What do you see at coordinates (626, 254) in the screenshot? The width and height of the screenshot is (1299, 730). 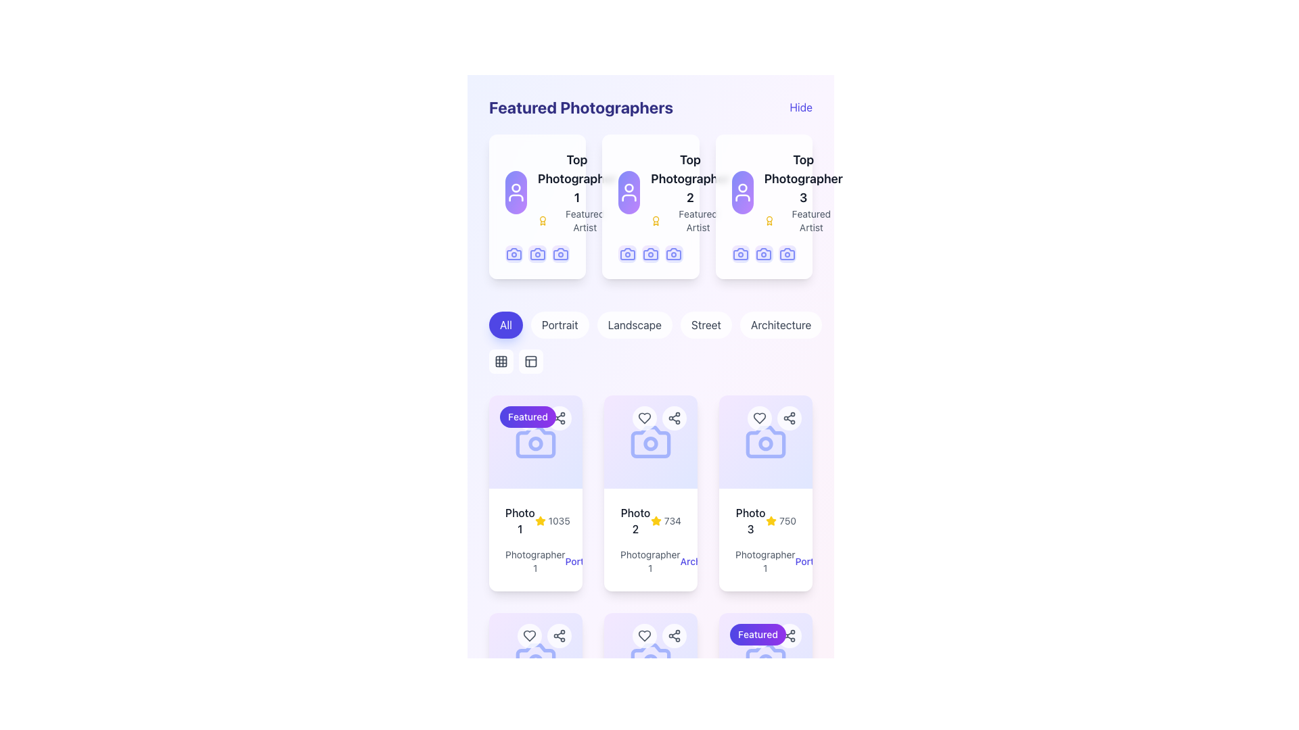 I see `the square button with rounded corners and a gradient background featuring a camera icon, located on the second card in the 'Featured Photographers' section beneath 'Top Photographer 2.'` at bounding box center [626, 254].